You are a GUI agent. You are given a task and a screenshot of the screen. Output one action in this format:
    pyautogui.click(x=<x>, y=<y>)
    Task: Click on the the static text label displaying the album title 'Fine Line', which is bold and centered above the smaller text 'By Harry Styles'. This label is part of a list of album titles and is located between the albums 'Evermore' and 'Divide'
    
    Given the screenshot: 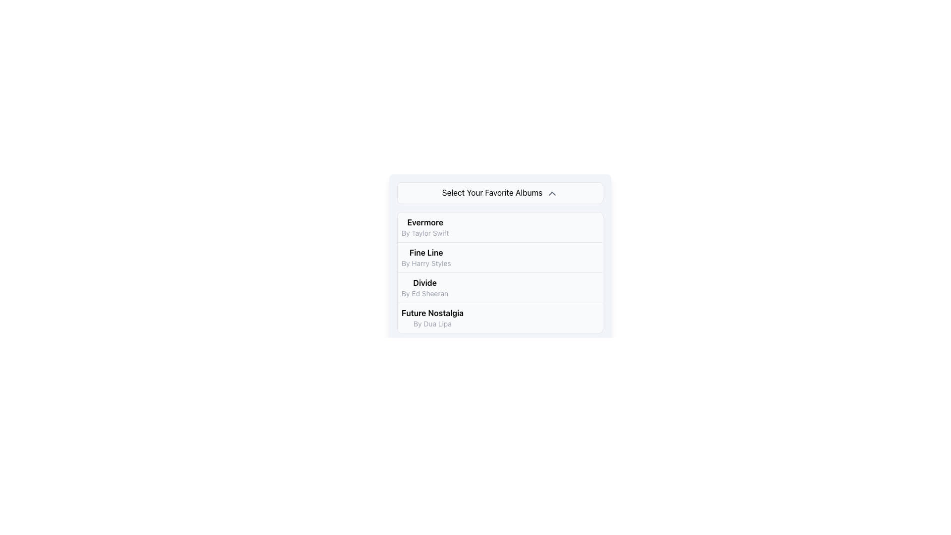 What is the action you would take?
    pyautogui.click(x=426, y=252)
    